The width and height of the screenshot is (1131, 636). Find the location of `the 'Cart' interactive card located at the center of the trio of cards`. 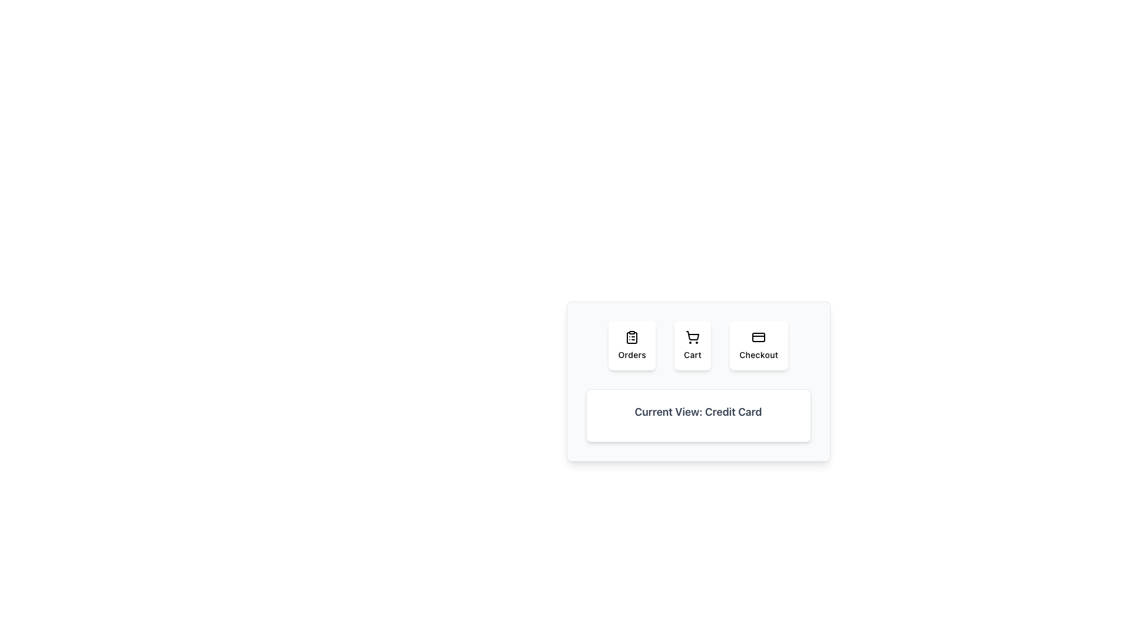

the 'Cart' interactive card located at the center of the trio of cards is located at coordinates (698, 344).